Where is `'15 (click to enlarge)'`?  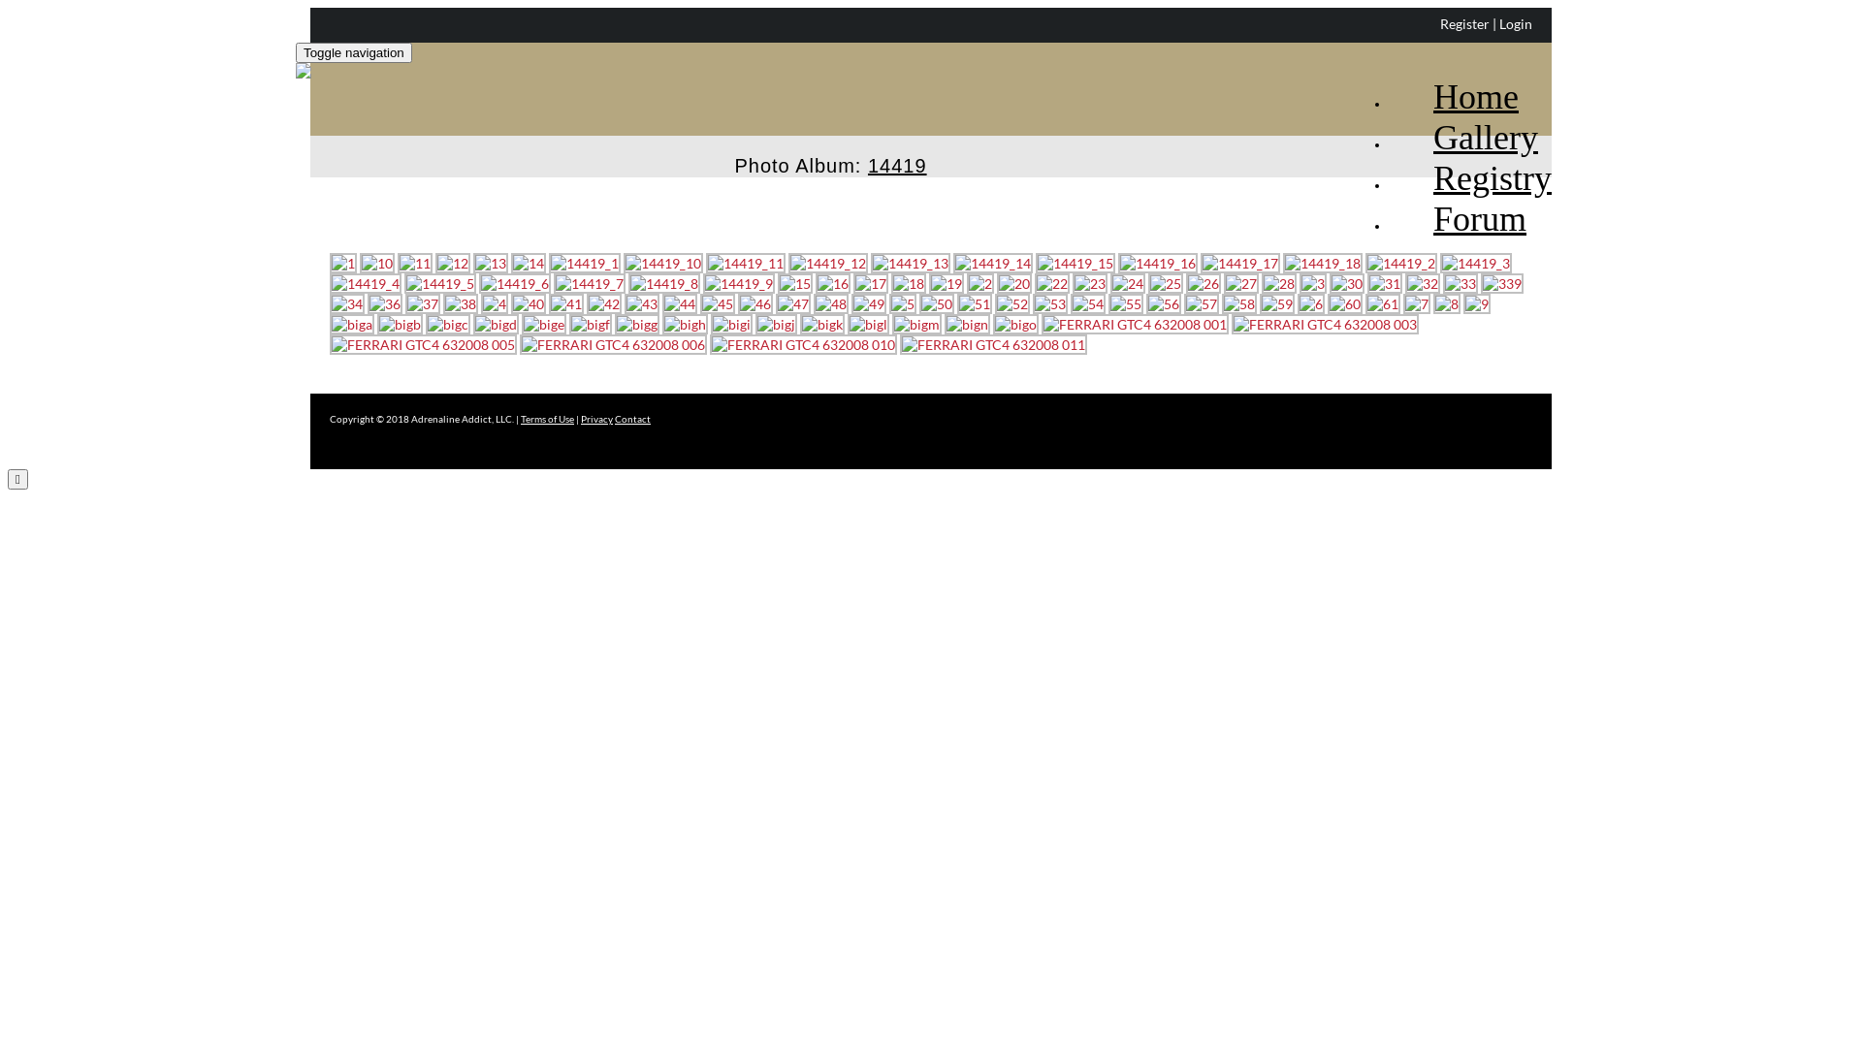 '15 (click to enlarge)' is located at coordinates (795, 283).